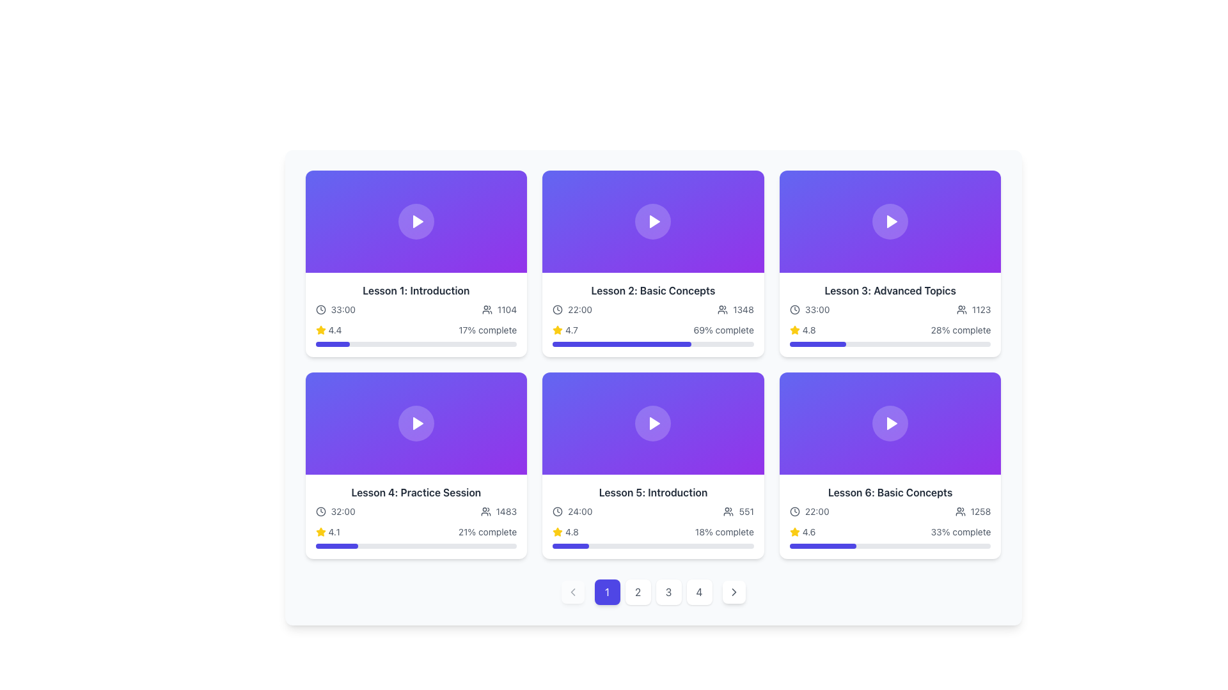  What do you see at coordinates (653, 291) in the screenshot?
I see `the text label that identifies the content as 'Lesson 2: Basic Concepts', which is positioned in the top-middle section of the card` at bounding box center [653, 291].